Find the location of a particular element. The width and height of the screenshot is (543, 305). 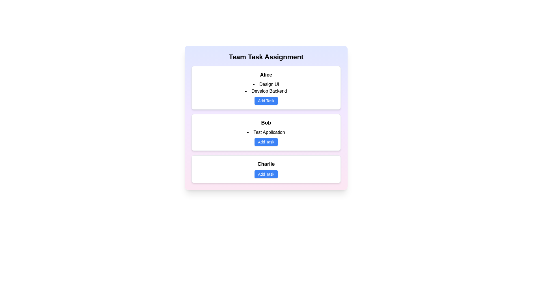

'Add Task' button for Bob to add a new task is located at coordinates (266, 141).